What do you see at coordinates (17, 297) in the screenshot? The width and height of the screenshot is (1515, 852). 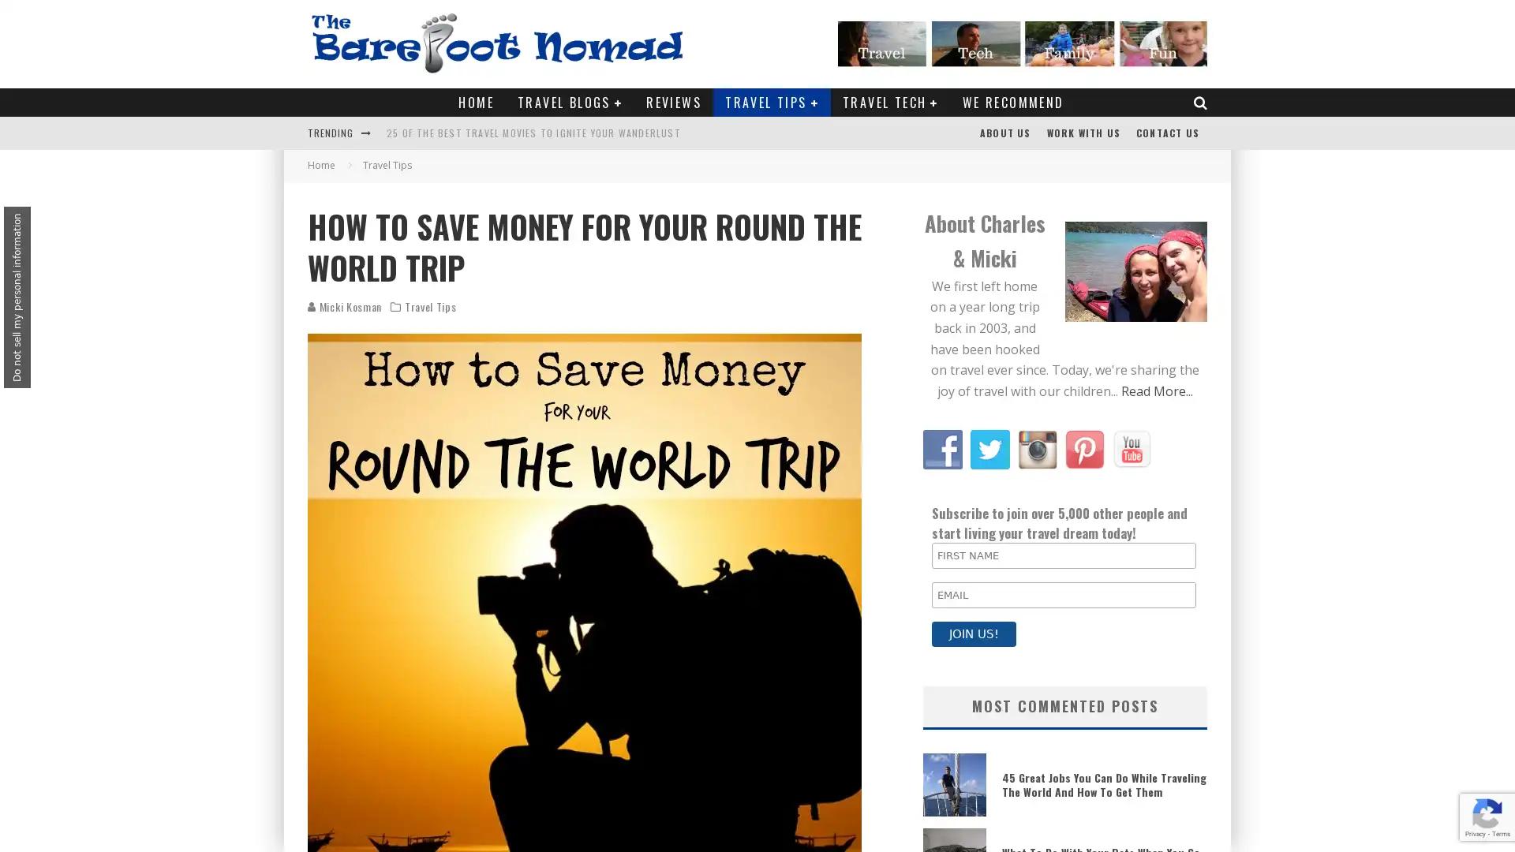 I see `Do not sell my personal information` at bounding box center [17, 297].